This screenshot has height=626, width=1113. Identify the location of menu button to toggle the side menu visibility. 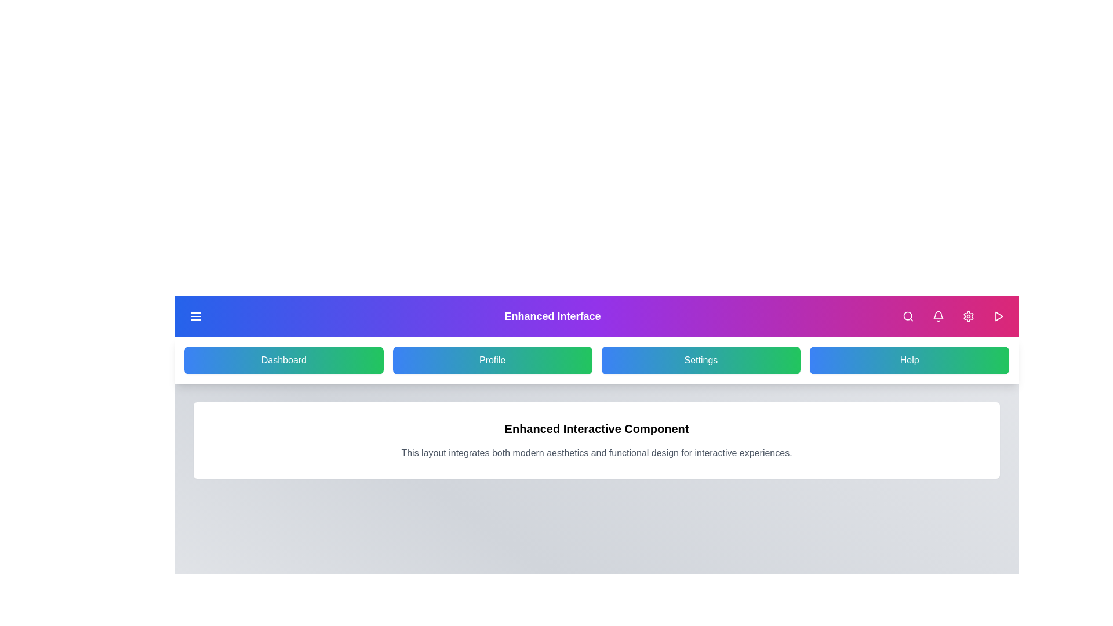
(195, 316).